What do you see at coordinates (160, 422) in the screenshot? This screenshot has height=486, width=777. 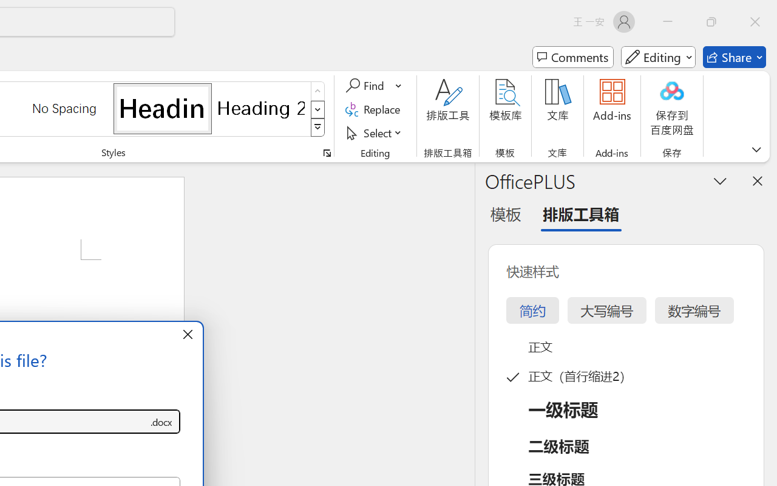 I see `'Save as type'` at bounding box center [160, 422].